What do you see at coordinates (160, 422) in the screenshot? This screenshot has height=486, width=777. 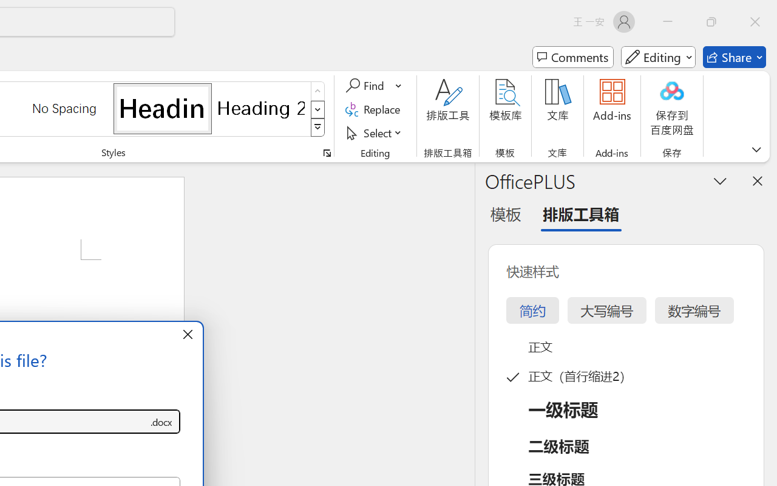 I see `'Save as type'` at bounding box center [160, 422].